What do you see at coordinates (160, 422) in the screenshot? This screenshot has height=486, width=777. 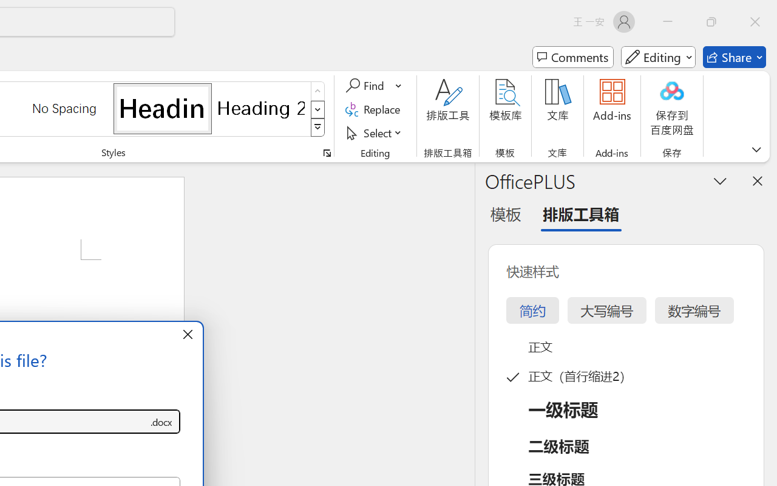 I see `'Save as type'` at bounding box center [160, 422].